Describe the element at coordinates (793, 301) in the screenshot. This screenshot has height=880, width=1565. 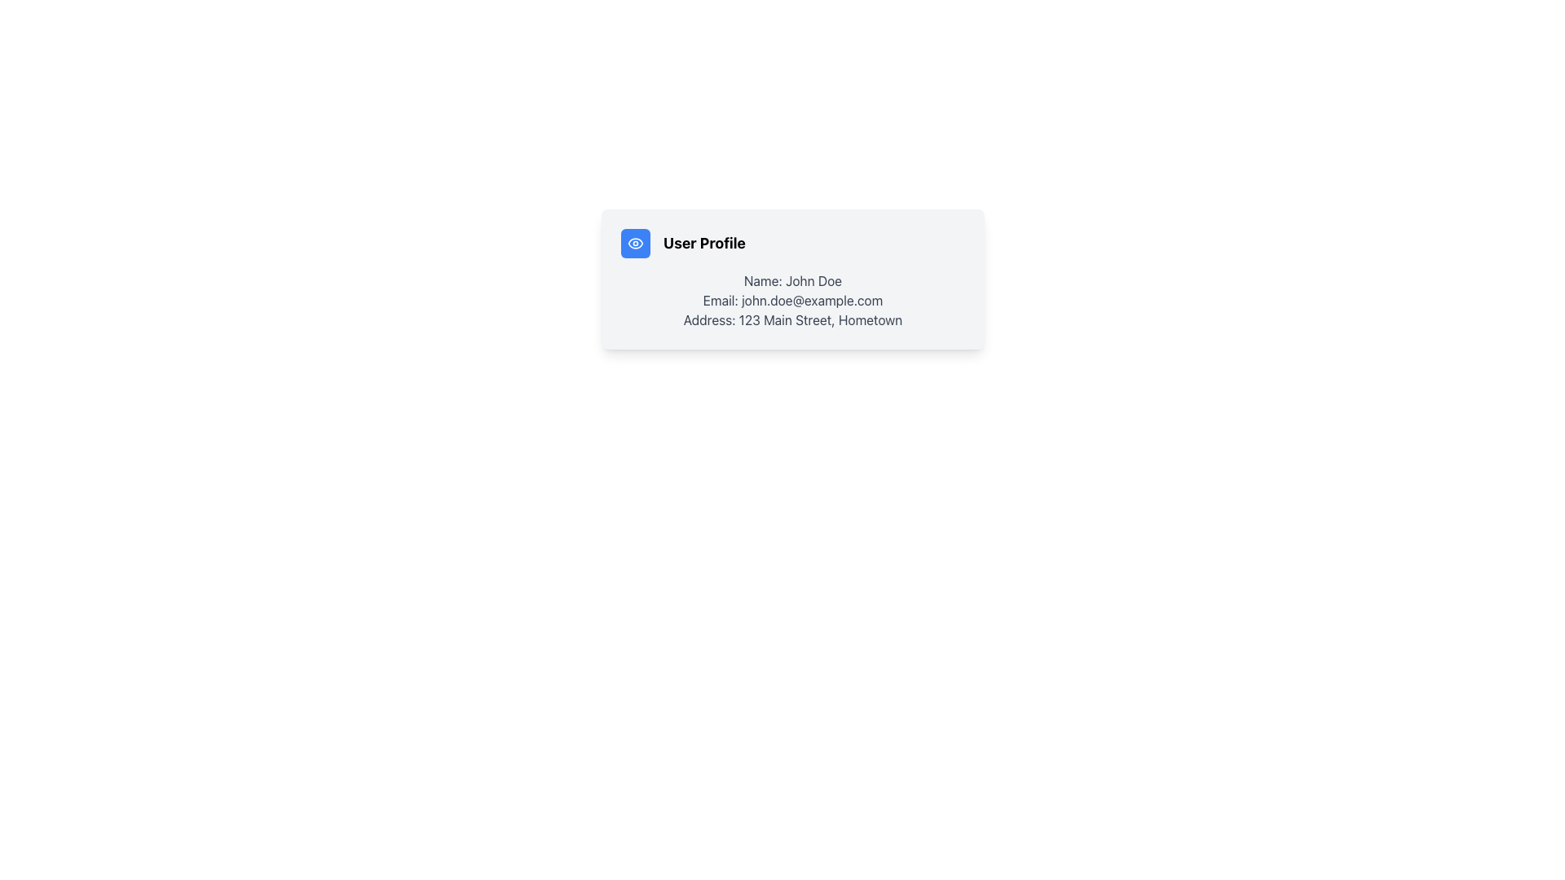
I see `the text block containing user information, including name, email, and address, which is located centrally below the 'User Profile' title` at that location.